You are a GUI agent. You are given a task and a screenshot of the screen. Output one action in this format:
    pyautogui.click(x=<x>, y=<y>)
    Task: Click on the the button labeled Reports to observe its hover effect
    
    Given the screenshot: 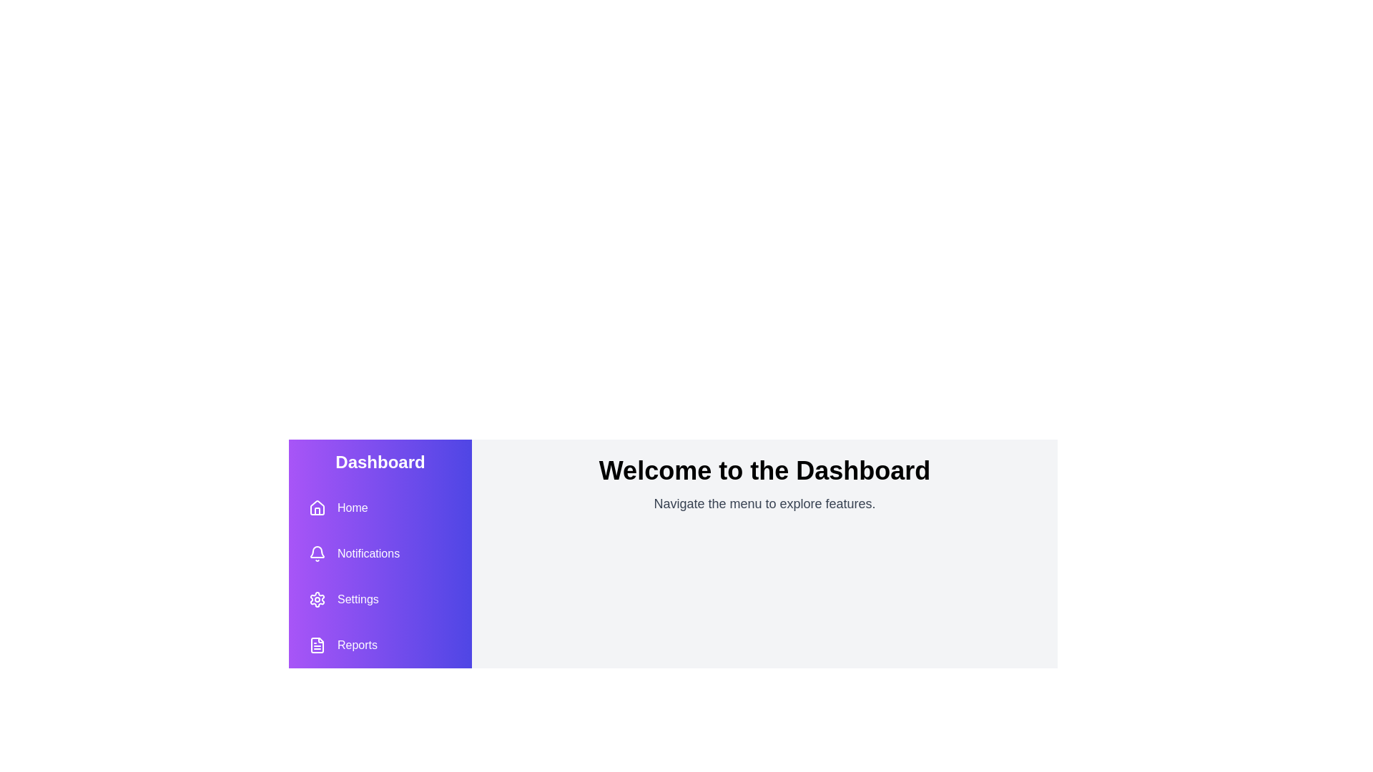 What is the action you would take?
    pyautogui.click(x=343, y=645)
    